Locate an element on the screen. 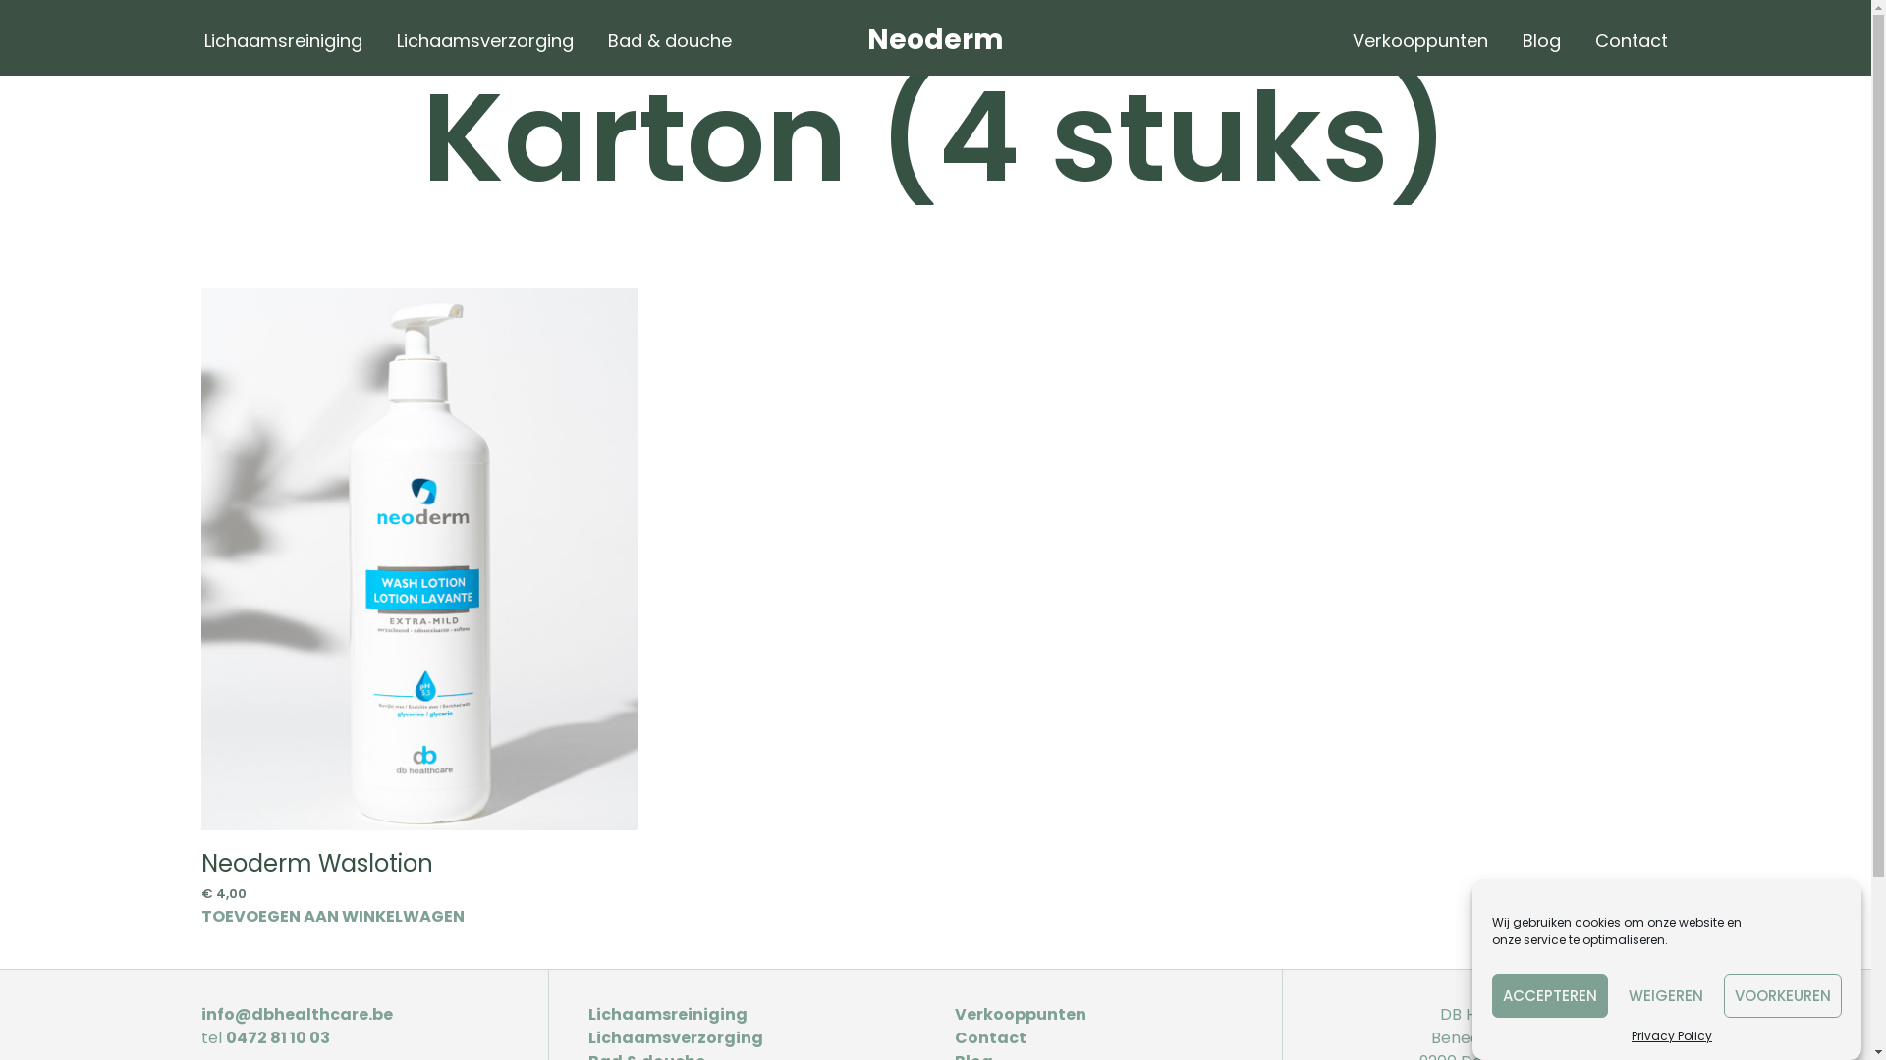 The image size is (1886, 1060). 'VOORKEUREN' is located at coordinates (1782, 995).